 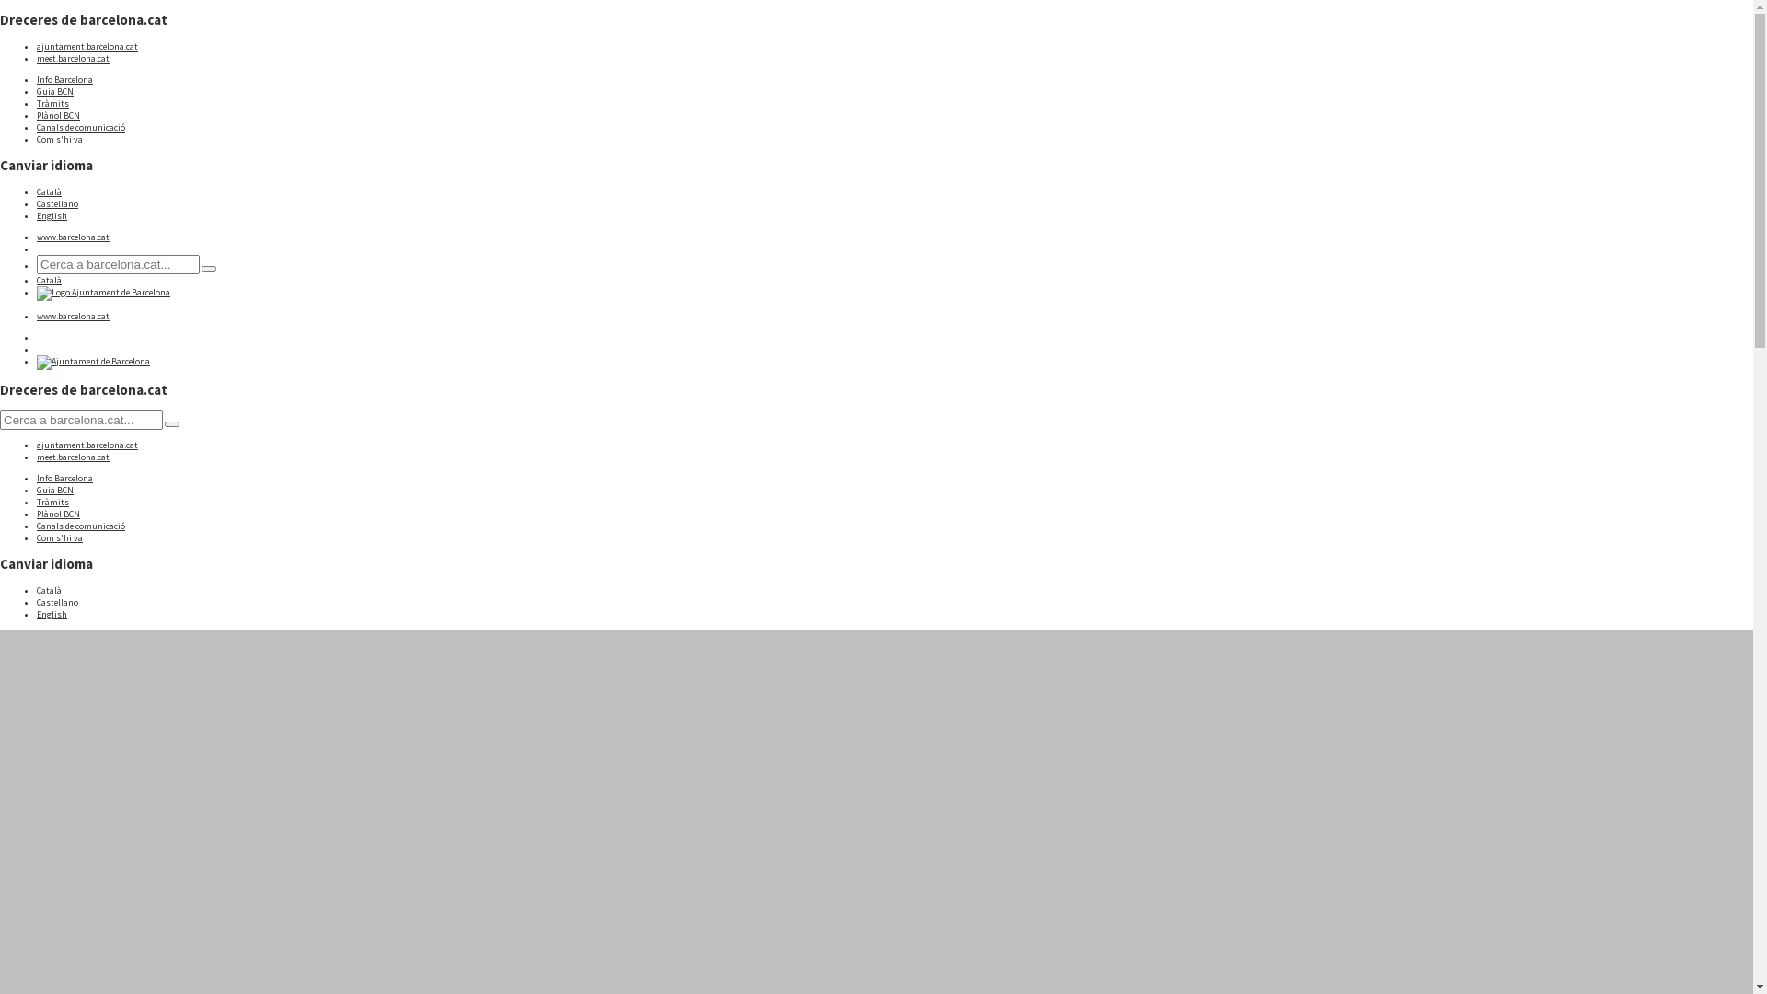 I want to click on 'Guia BCN', so click(x=54, y=91).